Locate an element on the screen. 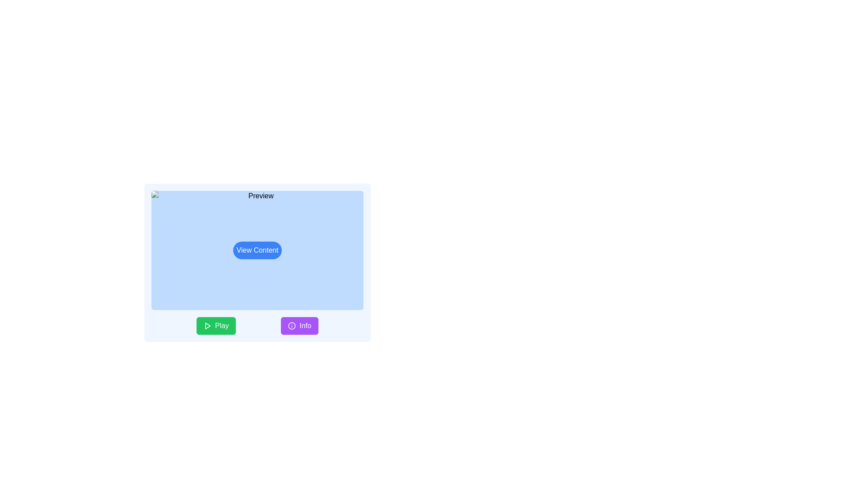 The width and height of the screenshot is (848, 477). the triangular play icon located within the green 'Play' button at the bottom left side of the card interface to trigger highlighting is located at coordinates (207, 326).